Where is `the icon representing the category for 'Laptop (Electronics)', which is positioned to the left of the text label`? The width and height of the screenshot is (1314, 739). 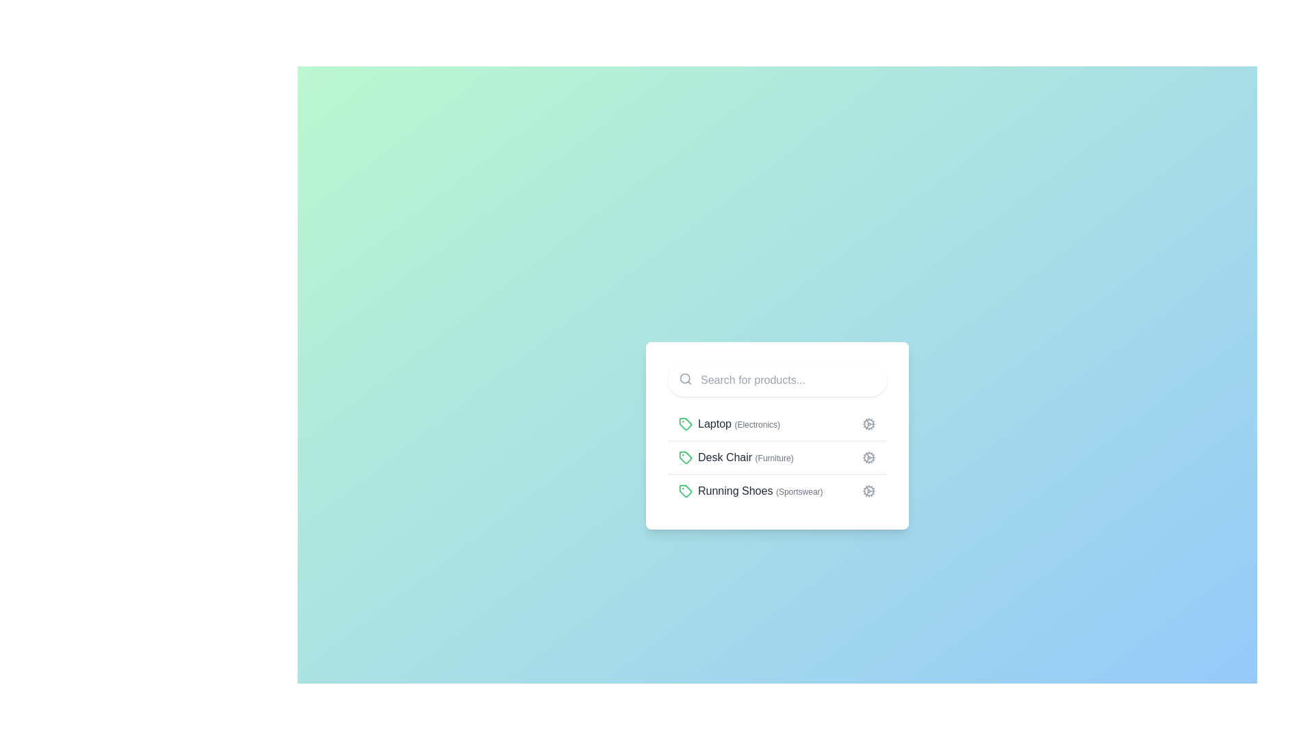 the icon representing the category for 'Laptop (Electronics)', which is positioned to the left of the text label is located at coordinates (686, 424).